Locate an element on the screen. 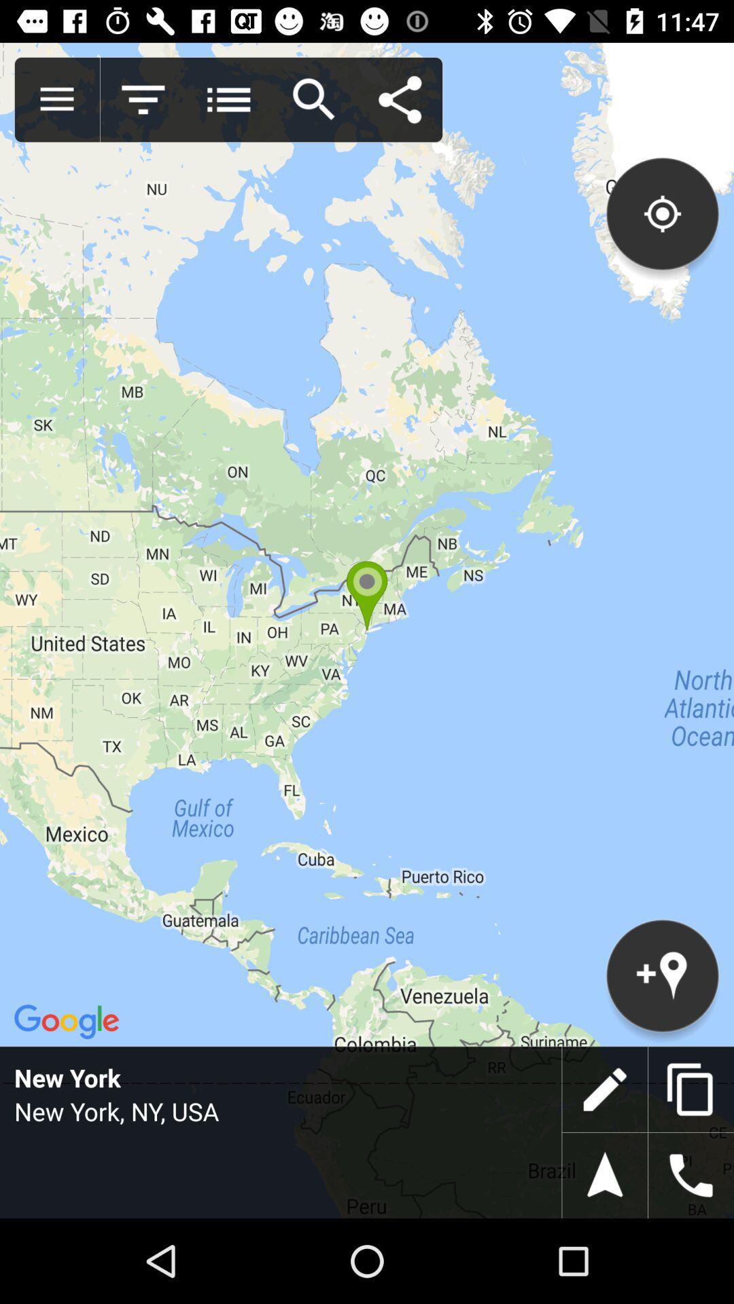  get directions is located at coordinates (604, 1175).